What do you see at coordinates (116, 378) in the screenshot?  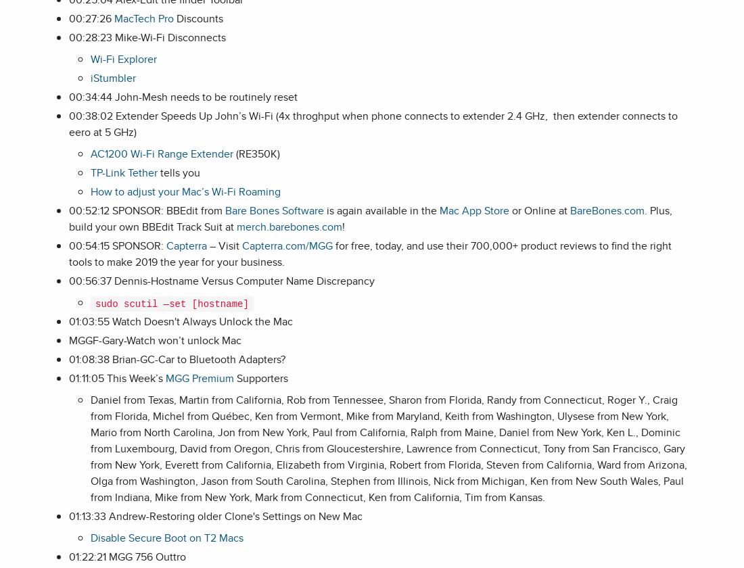 I see `'01:11:05 This Week’s'` at bounding box center [116, 378].